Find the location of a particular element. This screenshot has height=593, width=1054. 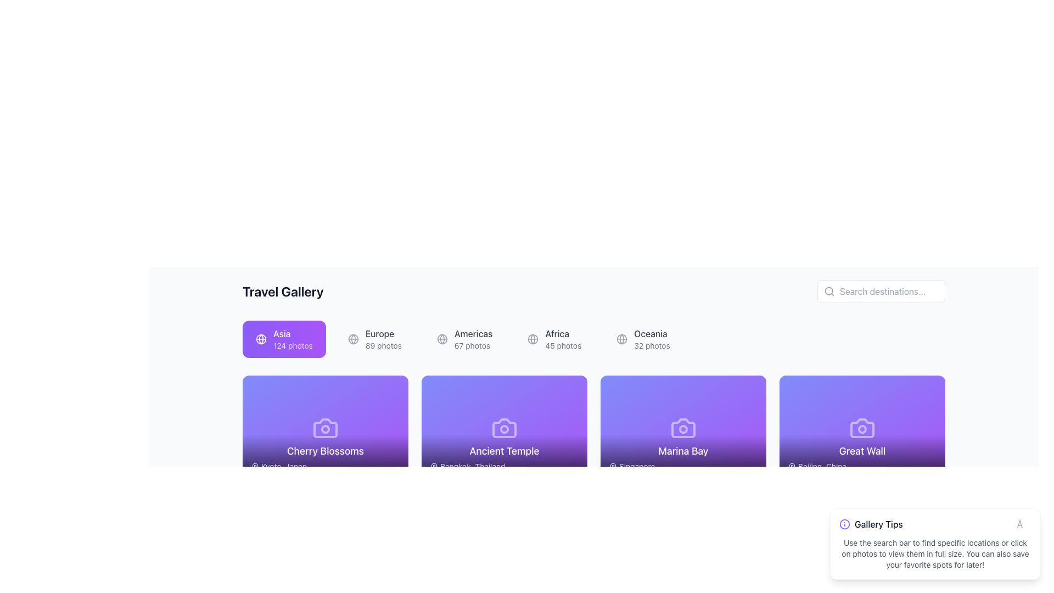

the selectable list item labeled 'Americas' which displays '67 photos' underneath is located at coordinates (473, 338).